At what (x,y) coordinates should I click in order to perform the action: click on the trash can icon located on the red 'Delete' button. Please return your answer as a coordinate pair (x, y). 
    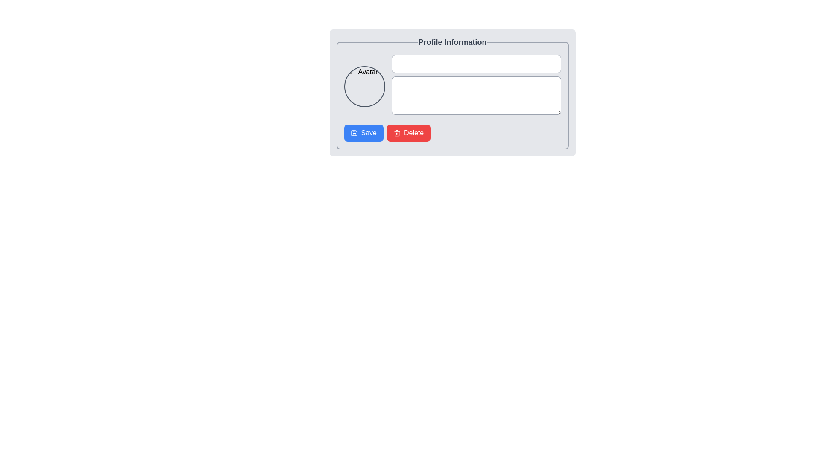
    Looking at the image, I should click on (397, 133).